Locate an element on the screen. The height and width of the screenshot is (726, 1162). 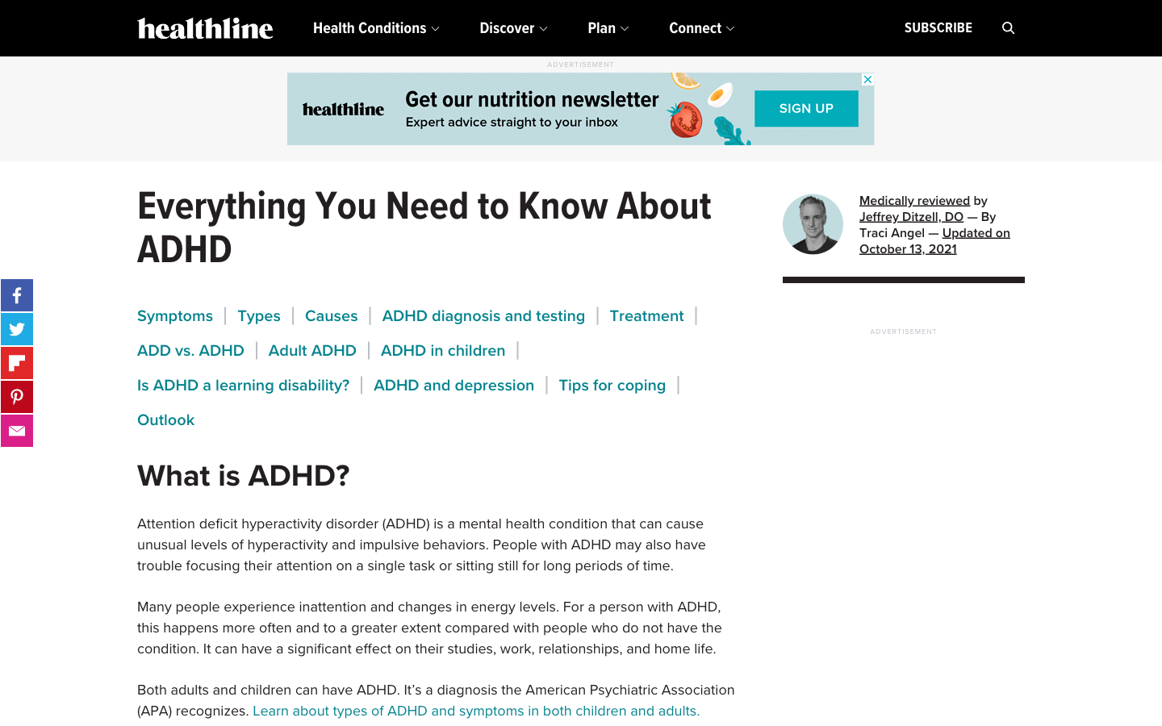
Seek for the answer if ADHD is a learning disability is located at coordinates (243, 384).